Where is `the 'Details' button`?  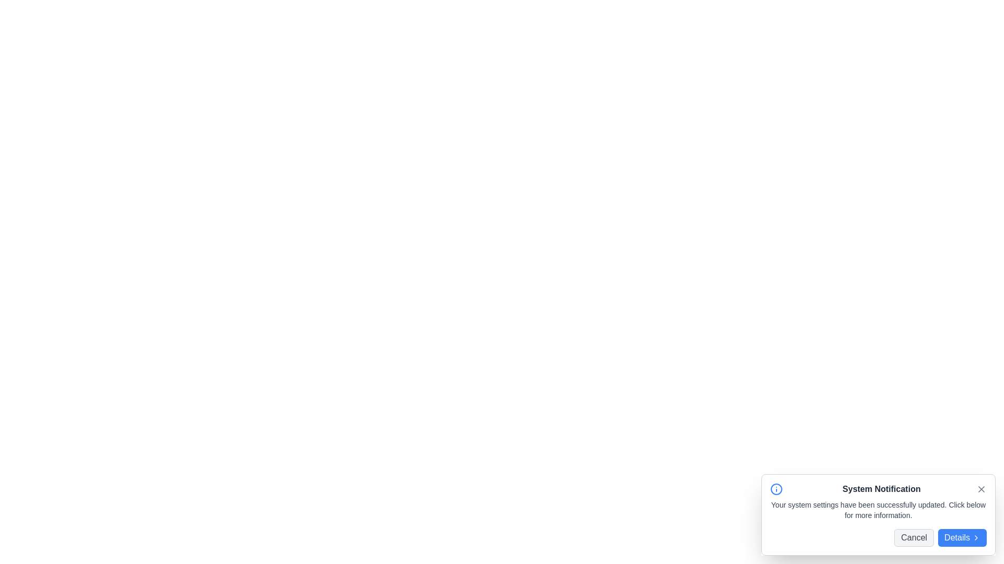 the 'Details' button is located at coordinates (962, 537).